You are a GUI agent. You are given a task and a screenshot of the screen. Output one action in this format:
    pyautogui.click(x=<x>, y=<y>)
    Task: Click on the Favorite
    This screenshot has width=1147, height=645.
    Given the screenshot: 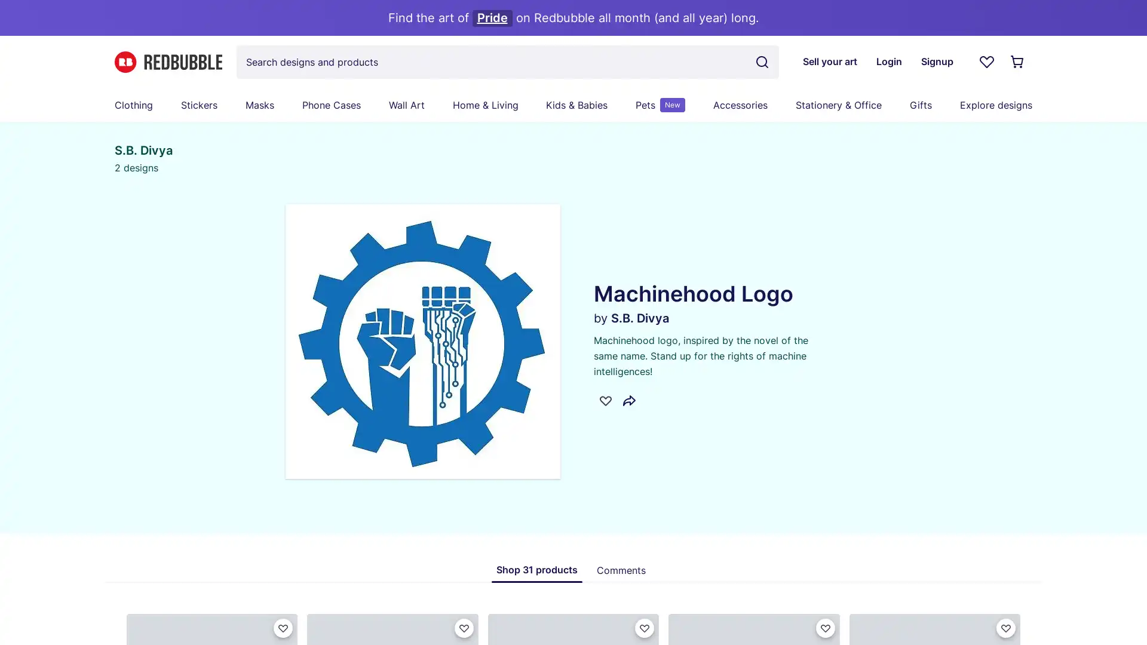 What is the action you would take?
    pyautogui.click(x=1005, y=628)
    